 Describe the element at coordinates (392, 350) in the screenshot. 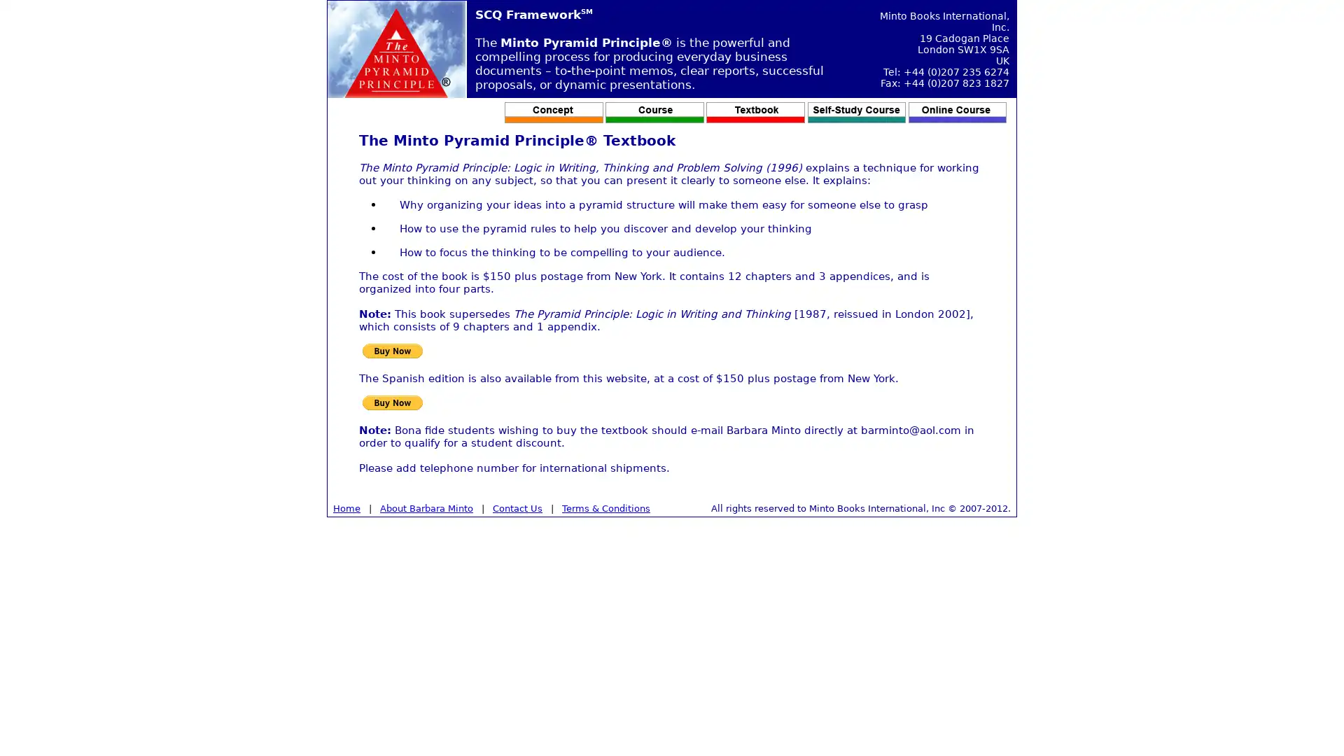

I see `PayPal - The safer, easier way to pay online!` at that location.